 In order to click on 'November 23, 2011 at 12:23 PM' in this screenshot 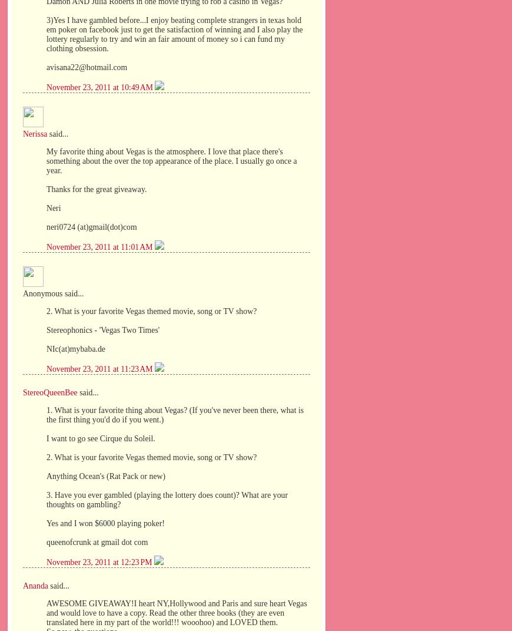, I will do `click(99, 561)`.